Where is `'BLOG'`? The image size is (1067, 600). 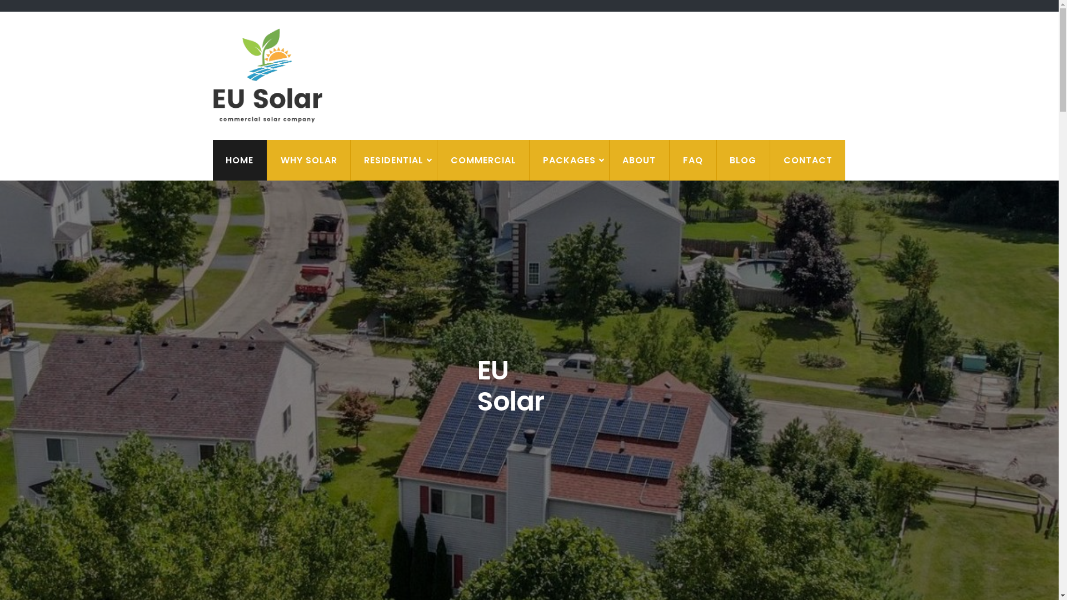 'BLOG' is located at coordinates (743, 160).